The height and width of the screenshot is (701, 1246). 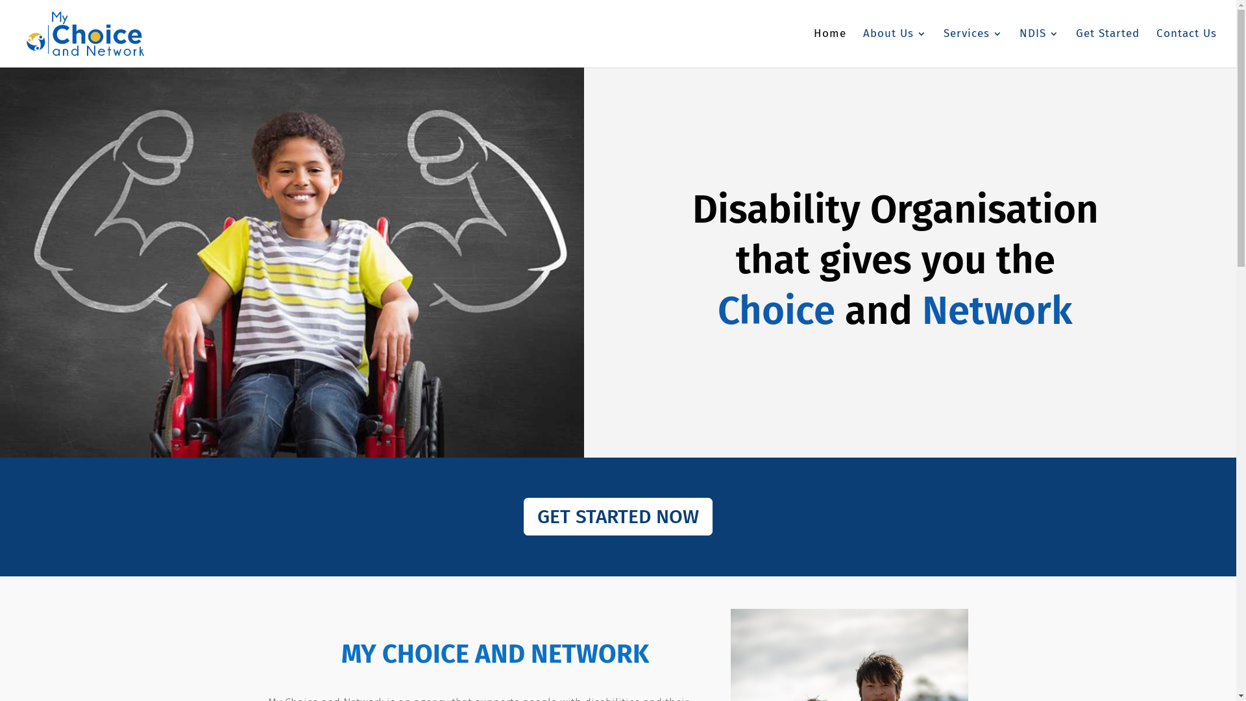 What do you see at coordinates (894, 47) in the screenshot?
I see `'About Us'` at bounding box center [894, 47].